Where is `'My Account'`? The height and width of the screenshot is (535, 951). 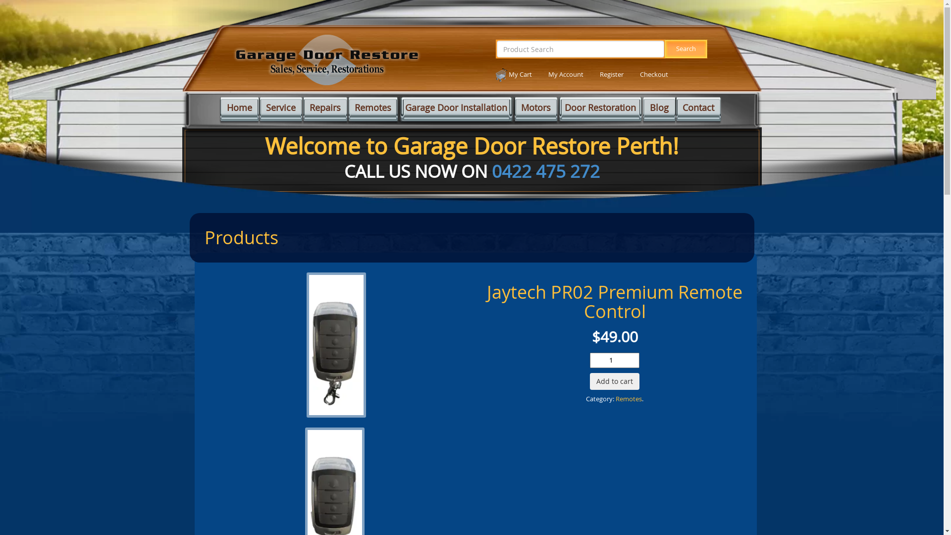
'My Account' is located at coordinates (548, 74).